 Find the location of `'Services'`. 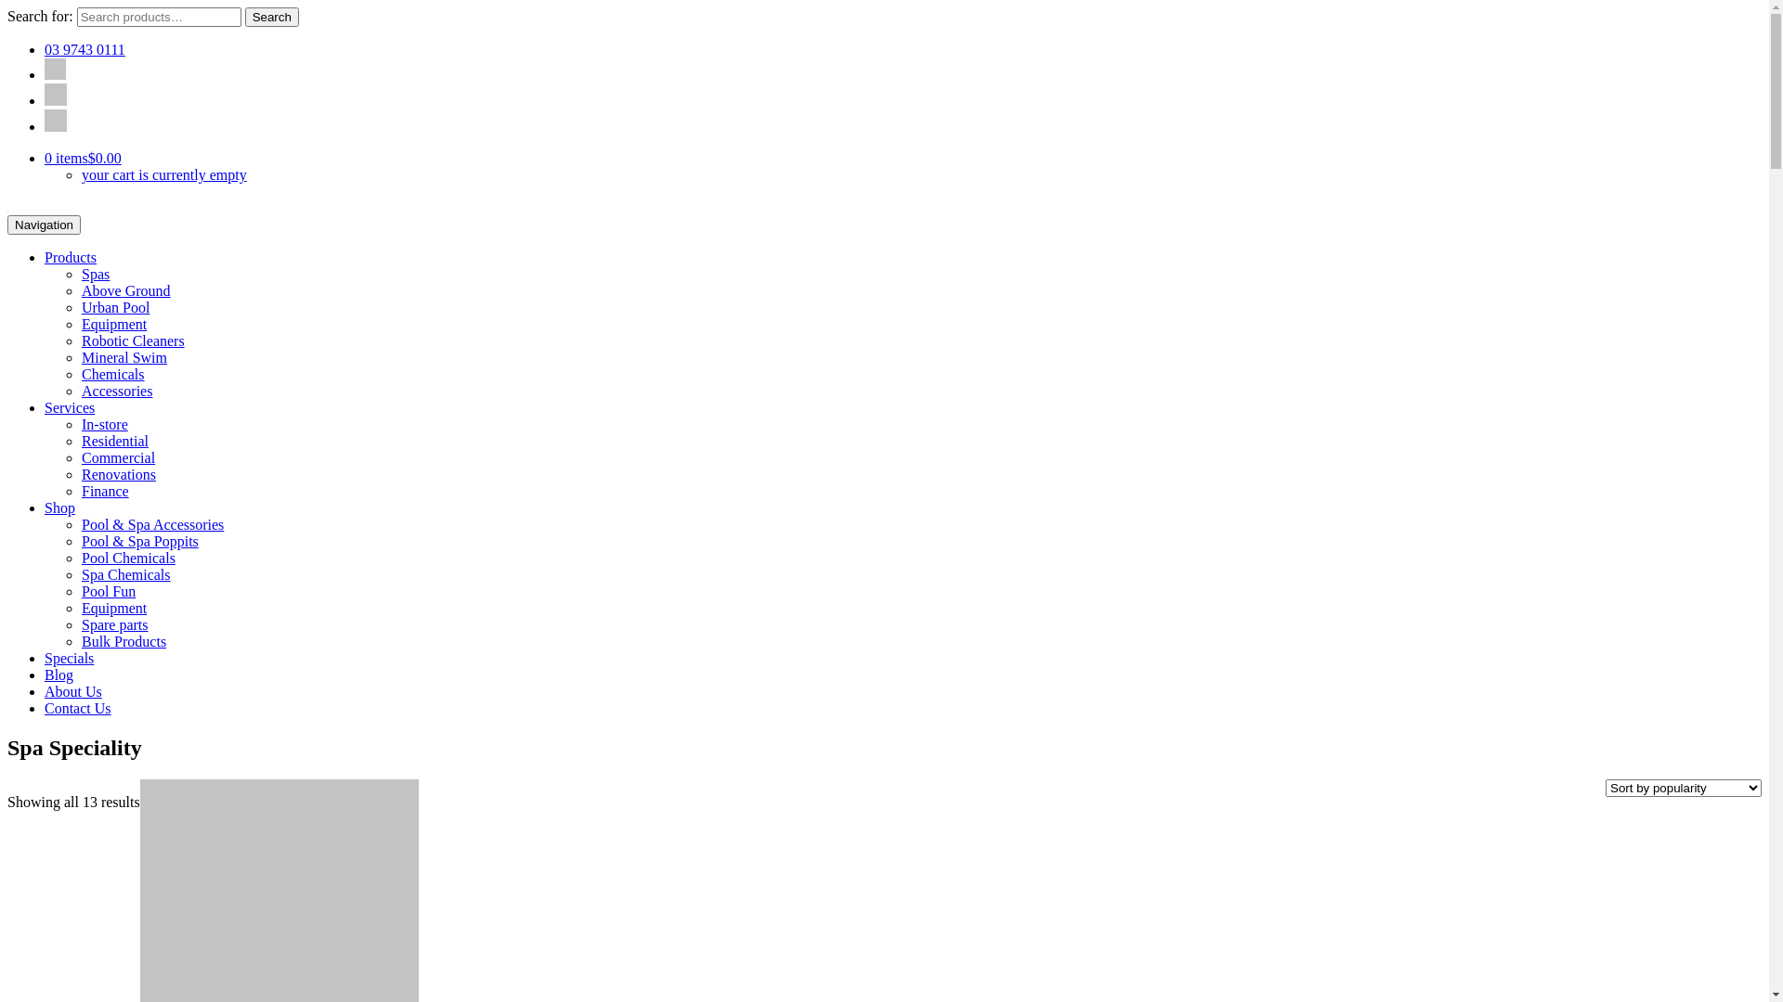

'Services' is located at coordinates (70, 406).